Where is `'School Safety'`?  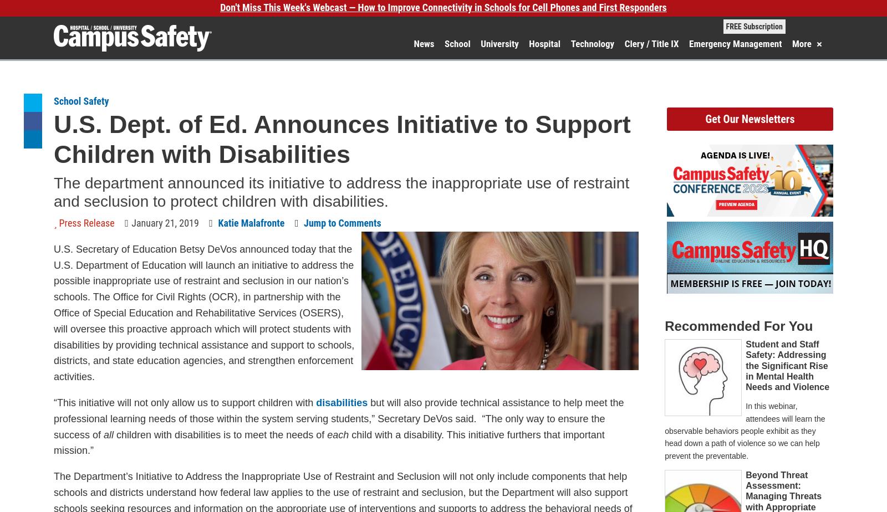
'School Safety' is located at coordinates (53, 101).